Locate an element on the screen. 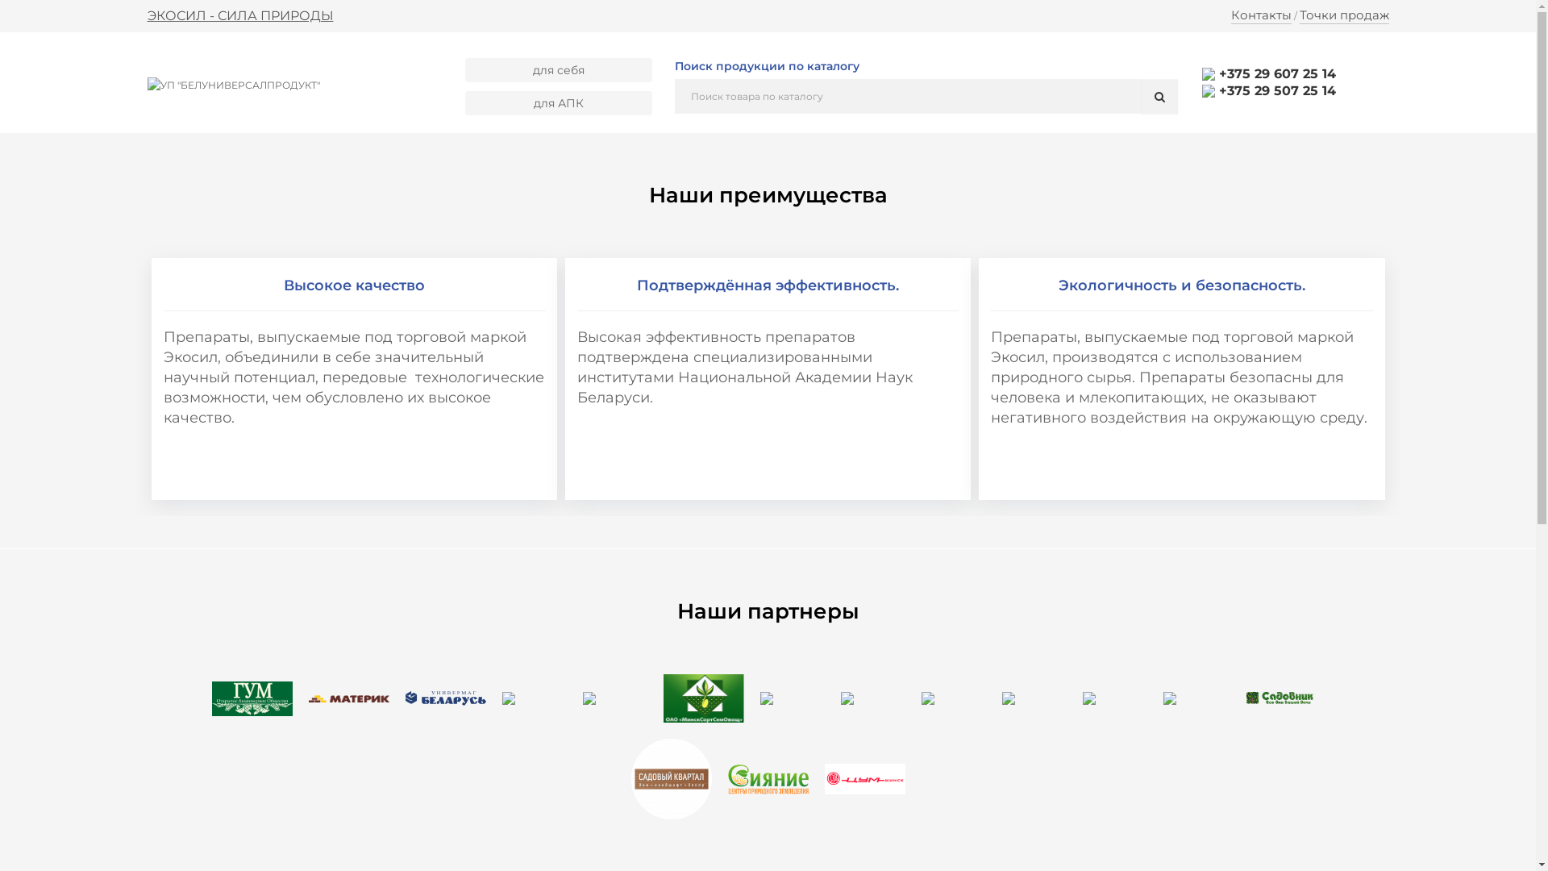 The image size is (1548, 871). '+375 29 607 25 14' is located at coordinates (1202, 73).